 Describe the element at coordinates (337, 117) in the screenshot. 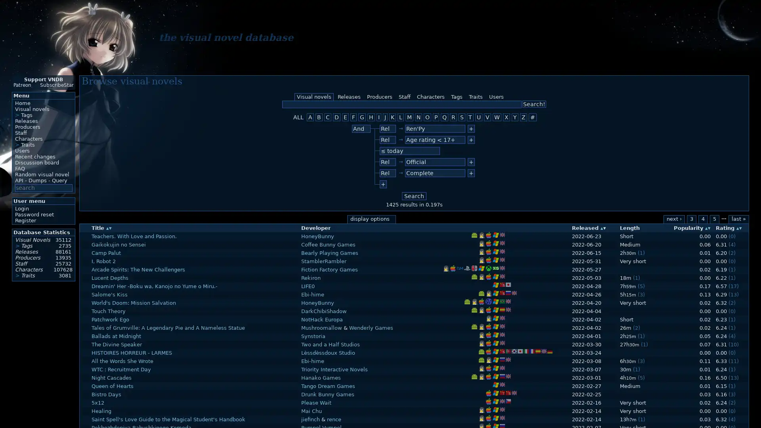

I see `D` at that location.